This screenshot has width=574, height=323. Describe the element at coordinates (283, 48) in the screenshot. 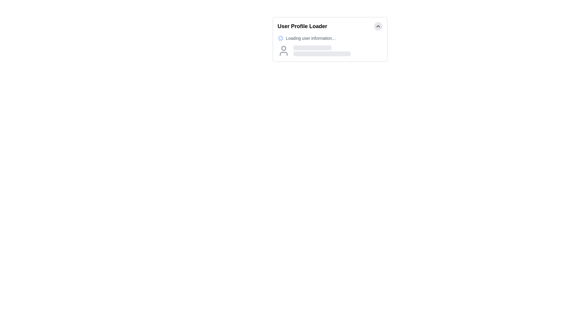

I see `the circular icon element that represents the head section of the user profile icon within the SVG in the 'User Profile Loader' interface` at that location.